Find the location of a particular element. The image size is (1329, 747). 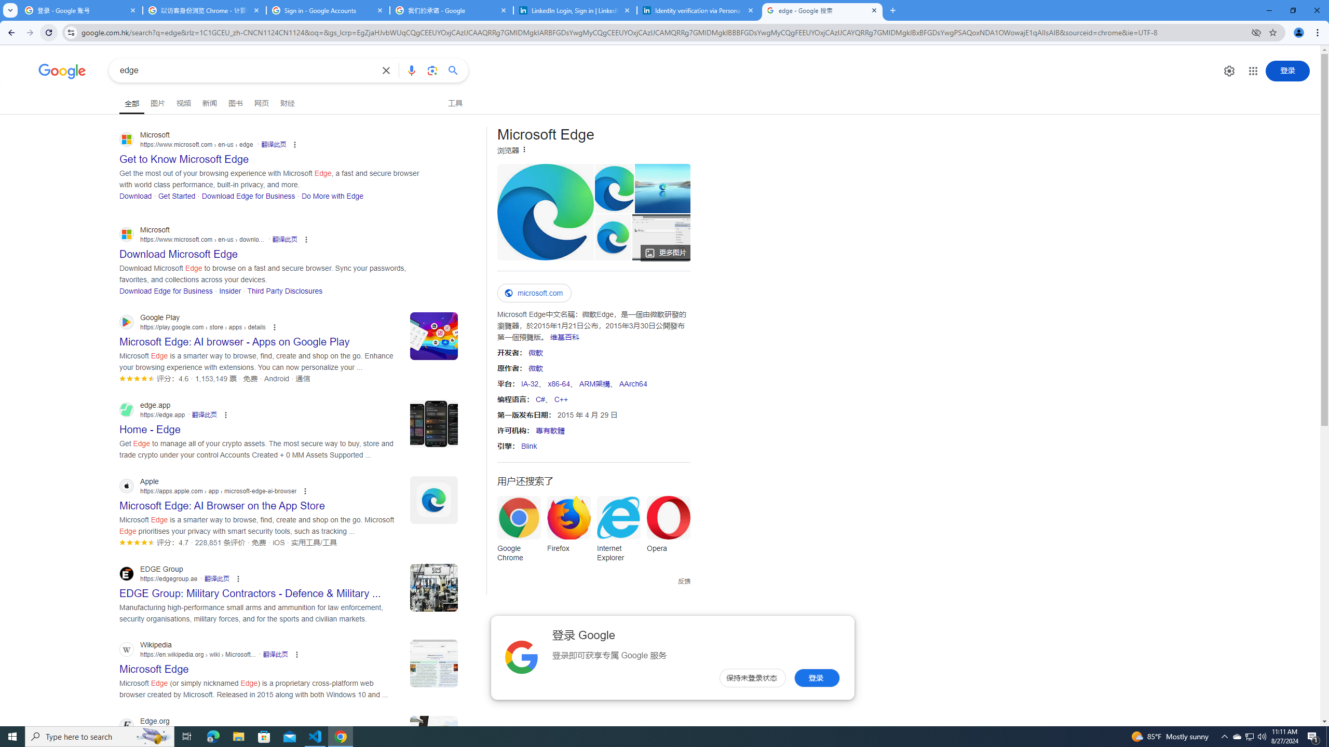

'Blink' is located at coordinates (528, 446).